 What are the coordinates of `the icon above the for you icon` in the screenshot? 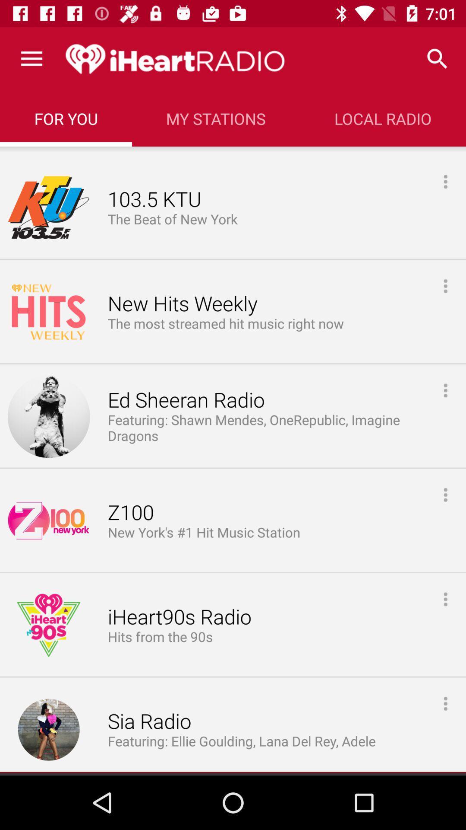 It's located at (31, 58).